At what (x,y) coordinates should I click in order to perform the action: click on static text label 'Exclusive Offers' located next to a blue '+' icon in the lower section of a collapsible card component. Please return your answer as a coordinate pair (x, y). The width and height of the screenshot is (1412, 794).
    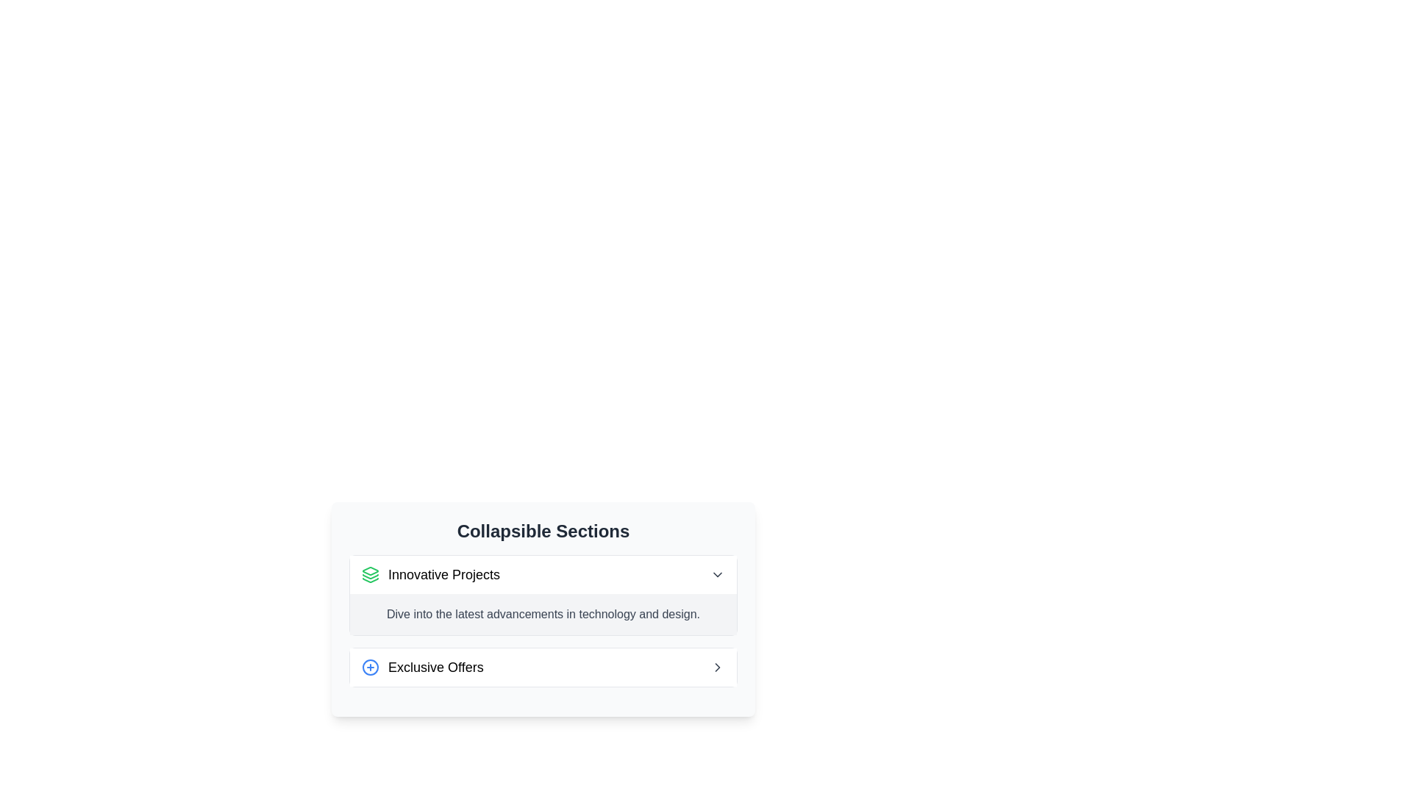
    Looking at the image, I should click on (435, 667).